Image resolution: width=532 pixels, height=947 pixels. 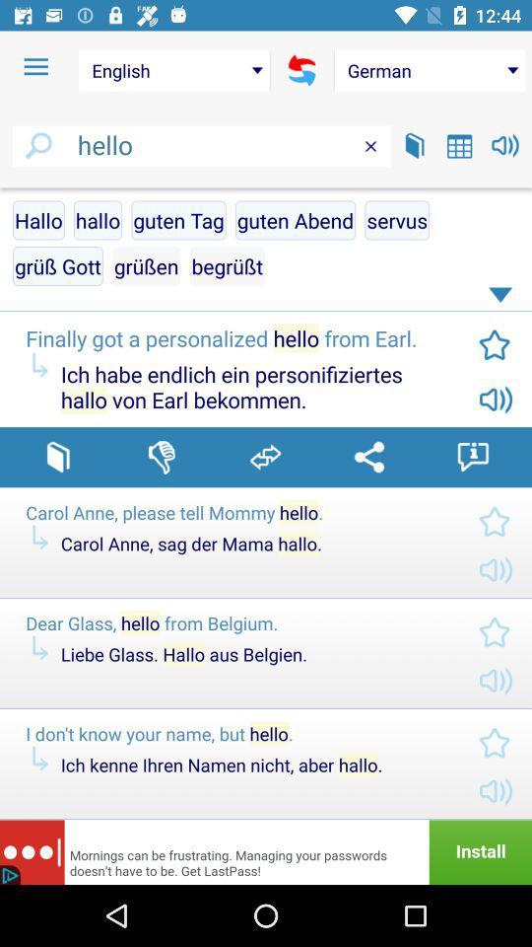 What do you see at coordinates (161, 457) in the screenshot?
I see `dislike this translation` at bounding box center [161, 457].